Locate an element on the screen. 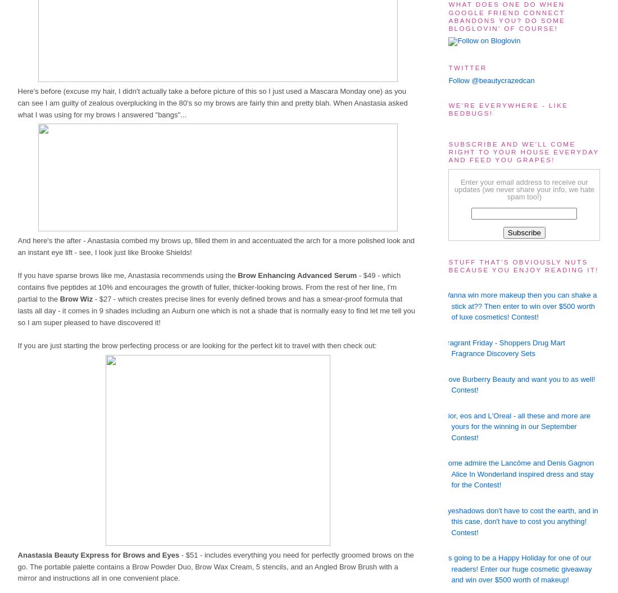  'Brow Wiz' is located at coordinates (76, 299).